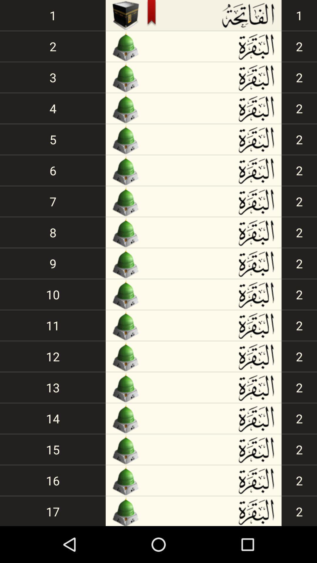  Describe the element at coordinates (53, 232) in the screenshot. I see `8` at that location.